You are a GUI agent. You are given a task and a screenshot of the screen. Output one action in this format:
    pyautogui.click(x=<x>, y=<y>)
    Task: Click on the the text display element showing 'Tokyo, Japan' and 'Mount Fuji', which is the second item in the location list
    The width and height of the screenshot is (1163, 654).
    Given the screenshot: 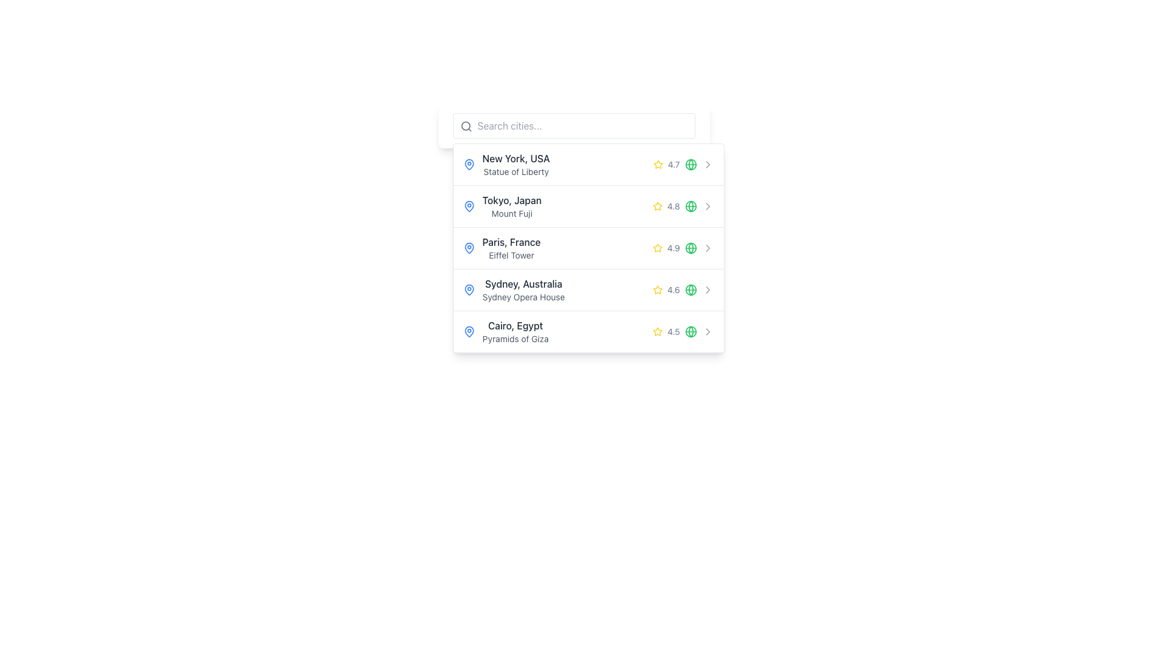 What is the action you would take?
    pyautogui.click(x=512, y=205)
    